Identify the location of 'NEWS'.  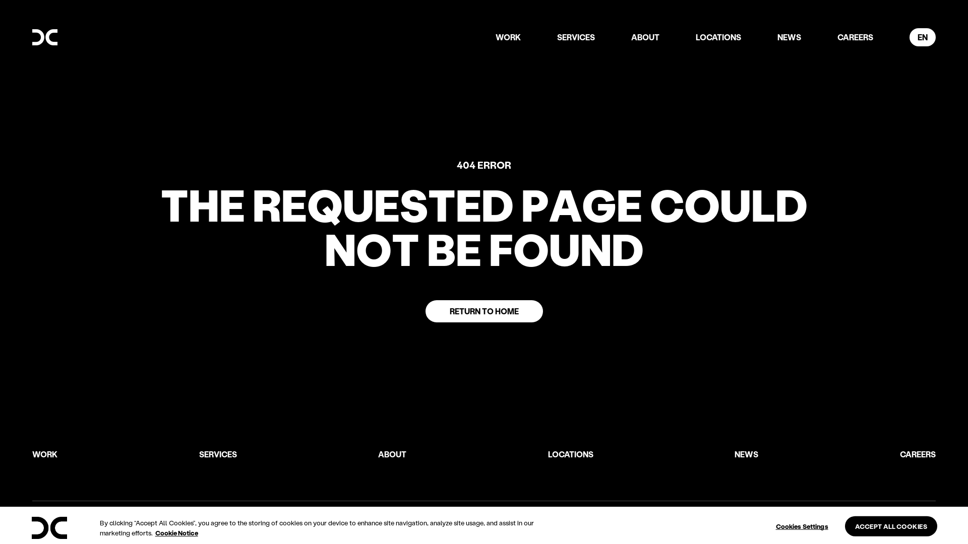
(789, 36).